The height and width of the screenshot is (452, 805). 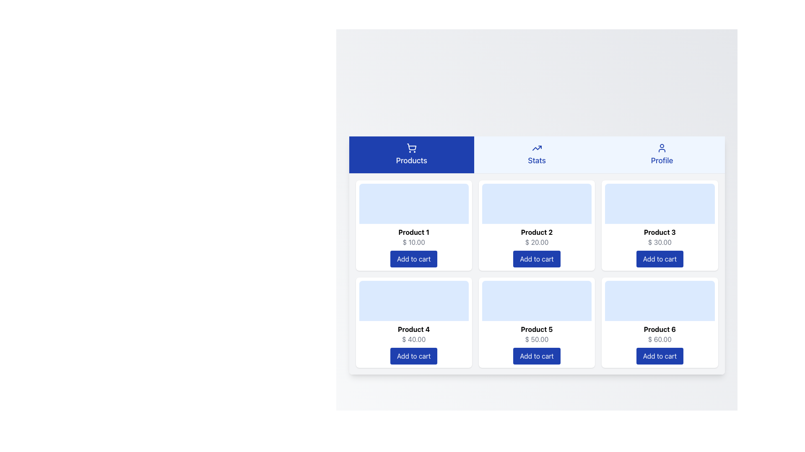 What do you see at coordinates (414, 232) in the screenshot?
I see `the 'Product 1' text label, which is bold and black, positioned between a light blue rectangle and a price label in the first item card of a grid layout` at bounding box center [414, 232].